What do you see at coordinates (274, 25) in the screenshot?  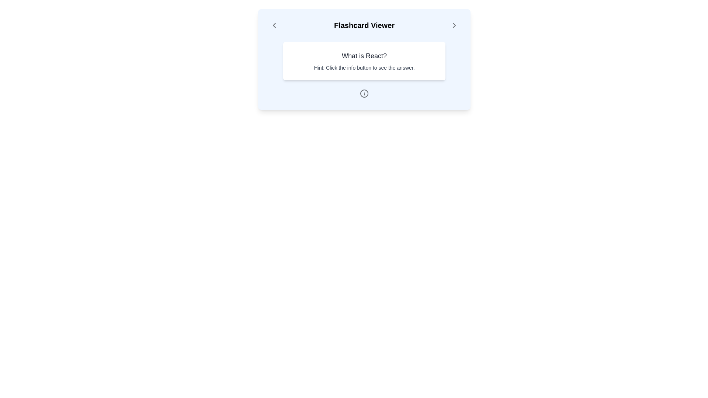 I see `the back navigation button icon located at the top left corner of the Flashcard Viewer` at bounding box center [274, 25].